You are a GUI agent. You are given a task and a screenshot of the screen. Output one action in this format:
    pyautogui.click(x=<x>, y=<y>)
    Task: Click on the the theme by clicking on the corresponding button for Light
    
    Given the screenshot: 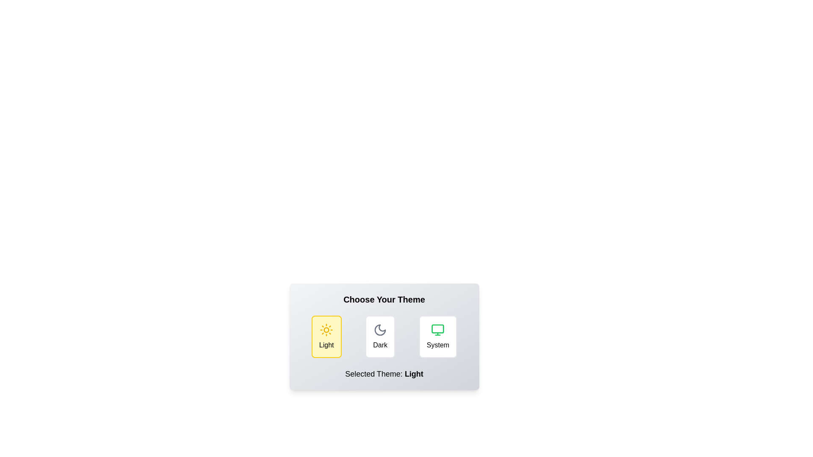 What is the action you would take?
    pyautogui.click(x=326, y=336)
    